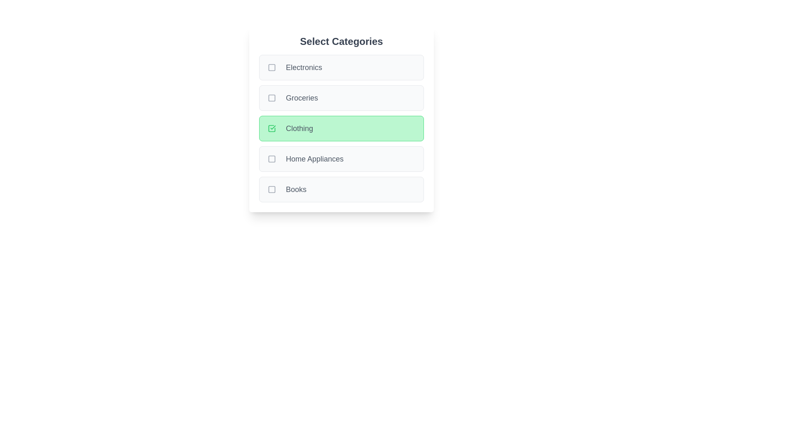 The height and width of the screenshot is (445, 791). What do you see at coordinates (272, 159) in the screenshot?
I see `the checkbox for Home Appliances` at bounding box center [272, 159].